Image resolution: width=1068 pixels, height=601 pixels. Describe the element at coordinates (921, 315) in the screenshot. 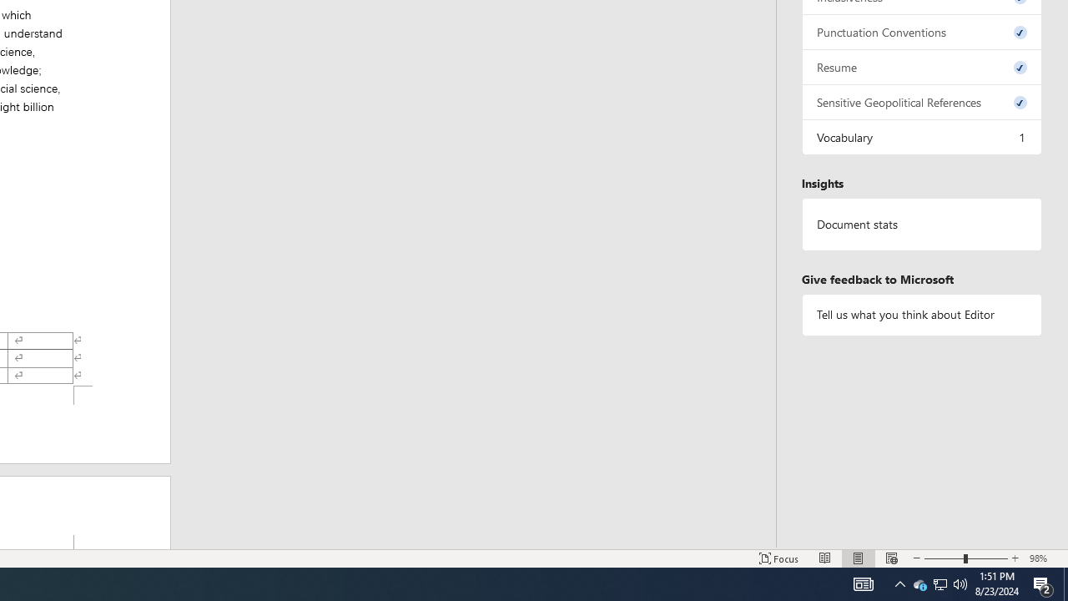

I see `'Tell us what you think about Editor'` at that location.